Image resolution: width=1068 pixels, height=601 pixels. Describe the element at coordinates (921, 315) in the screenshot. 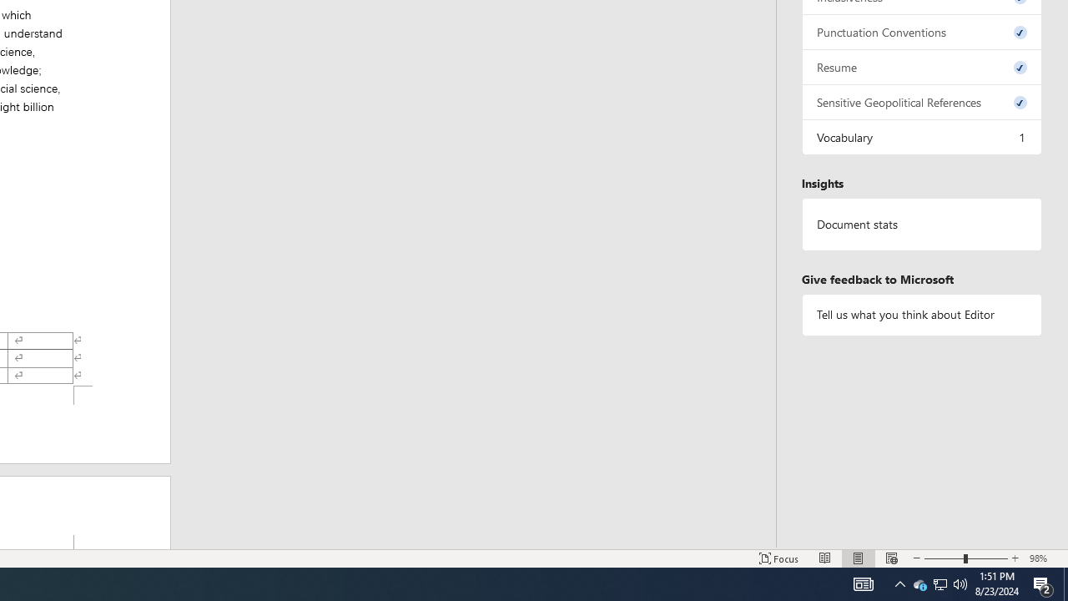

I see `'Tell us what you think about Editor'` at that location.